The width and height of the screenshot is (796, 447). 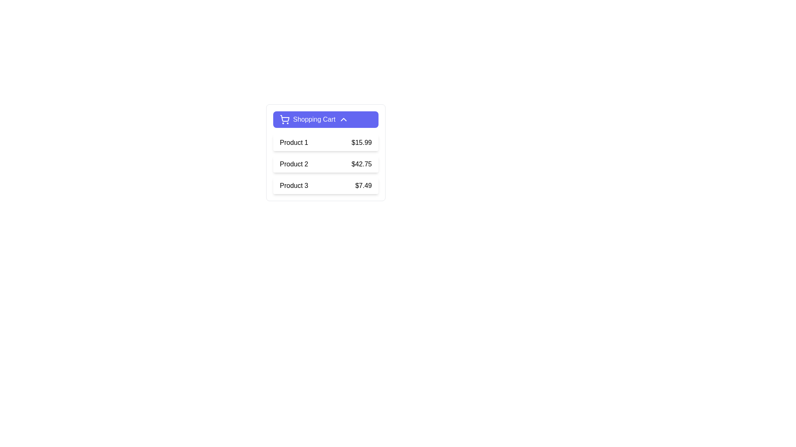 I want to click on the small, simplistic shopping cart icon located to the very left of the purple banner with 'Shopping Cart' text, so click(x=284, y=120).